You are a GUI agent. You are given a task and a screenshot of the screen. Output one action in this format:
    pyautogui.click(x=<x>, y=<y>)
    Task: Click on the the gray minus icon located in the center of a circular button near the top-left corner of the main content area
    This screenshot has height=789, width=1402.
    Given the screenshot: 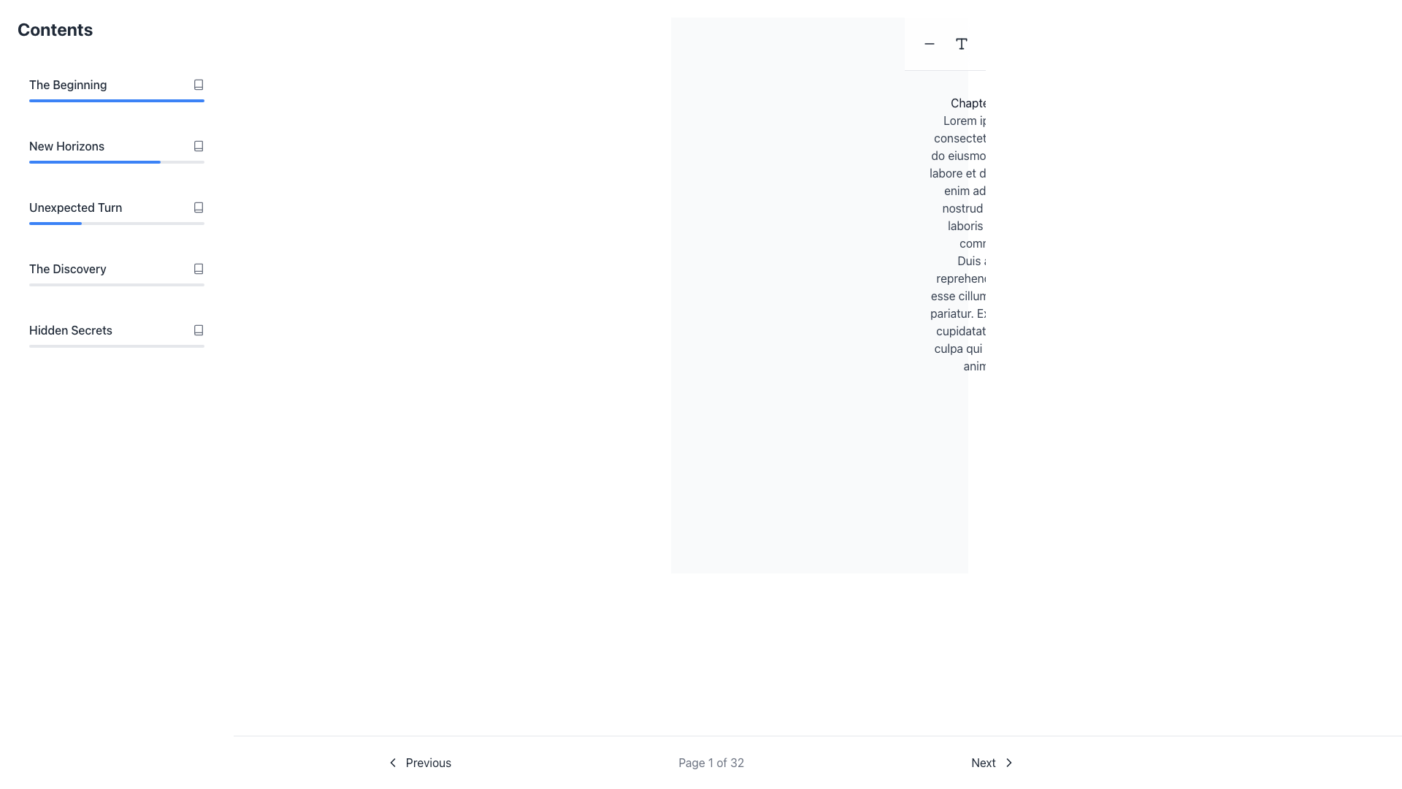 What is the action you would take?
    pyautogui.click(x=928, y=43)
    